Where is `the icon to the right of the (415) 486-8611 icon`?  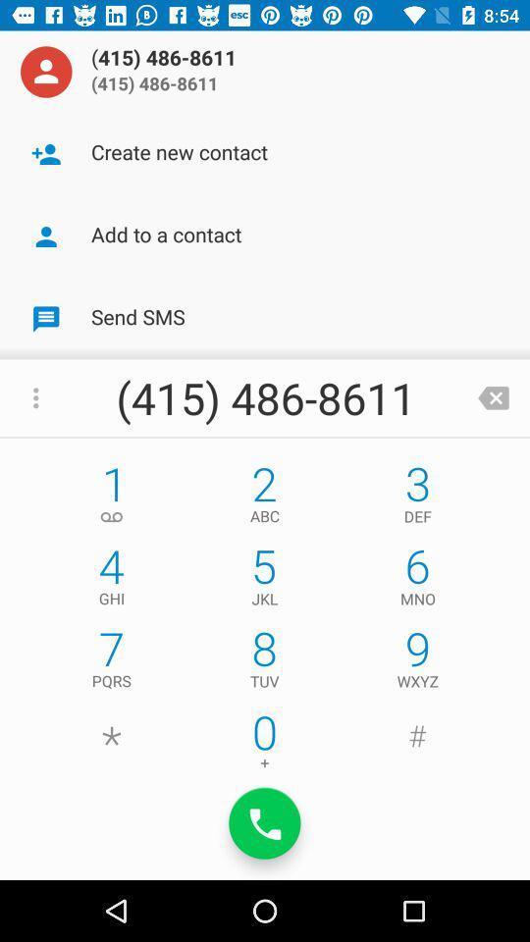 the icon to the right of the (415) 486-8611 icon is located at coordinates (493, 396).